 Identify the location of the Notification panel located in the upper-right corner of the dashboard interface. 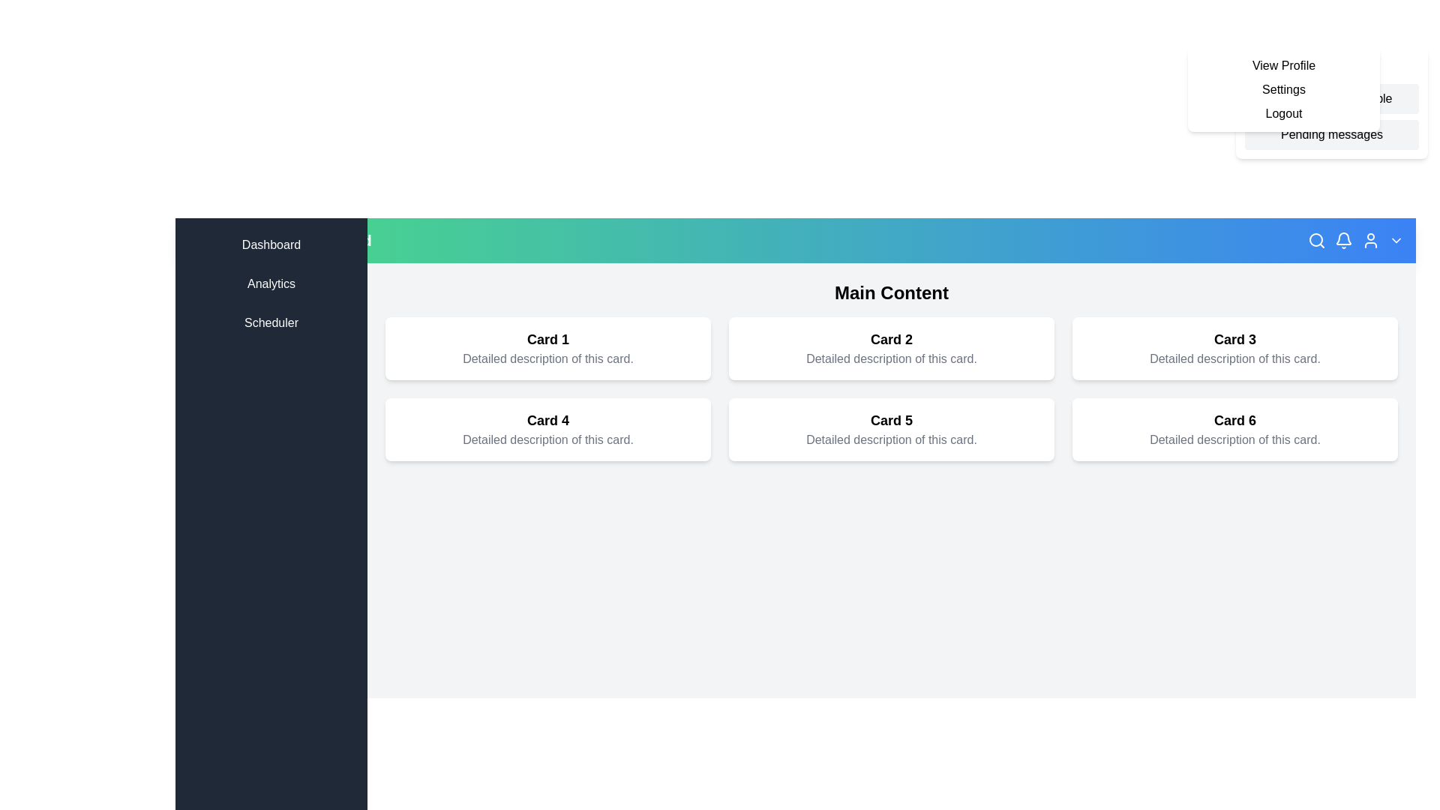
(1332, 103).